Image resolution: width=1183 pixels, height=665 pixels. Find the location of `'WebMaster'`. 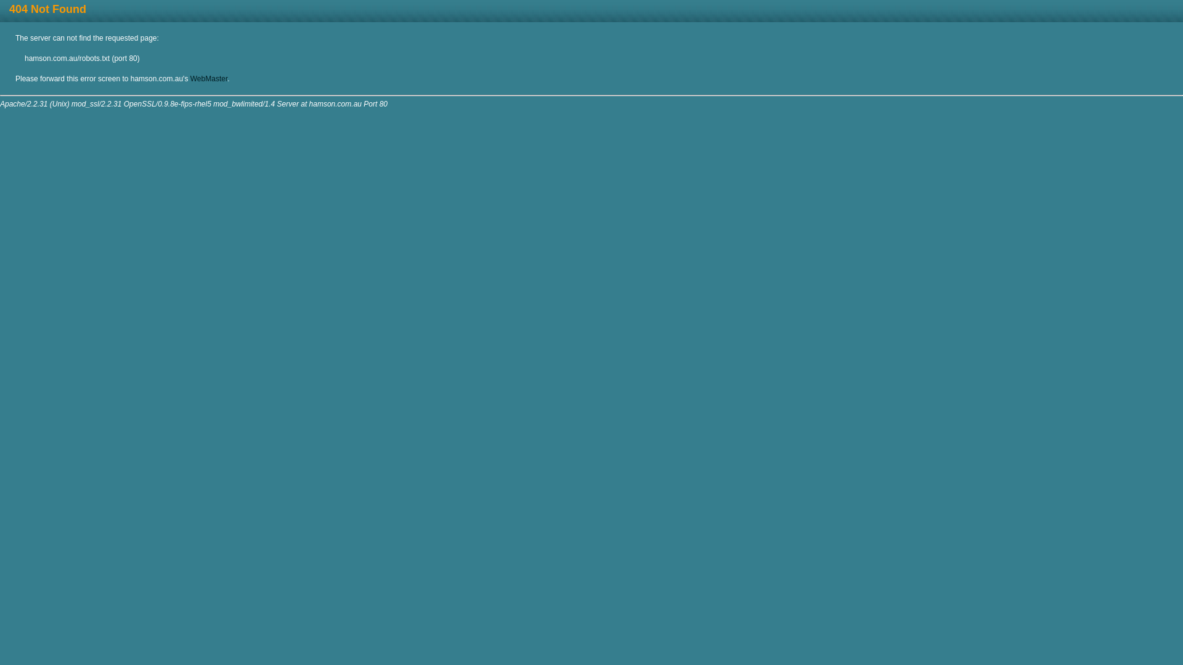

'WebMaster' is located at coordinates (209, 78).